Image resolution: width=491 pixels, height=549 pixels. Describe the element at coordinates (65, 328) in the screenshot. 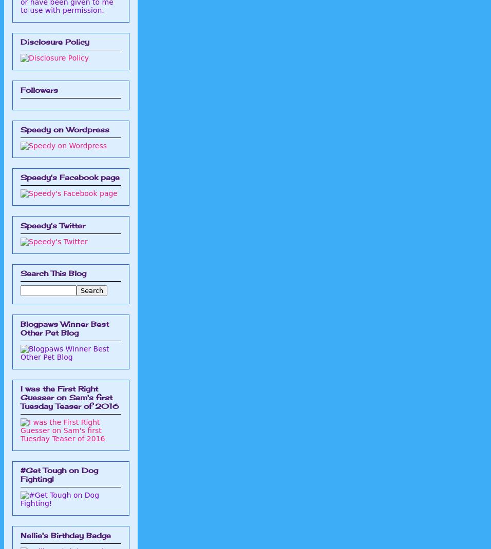

I see `'Blogpaws Winner Best Other Pet Blog'` at that location.